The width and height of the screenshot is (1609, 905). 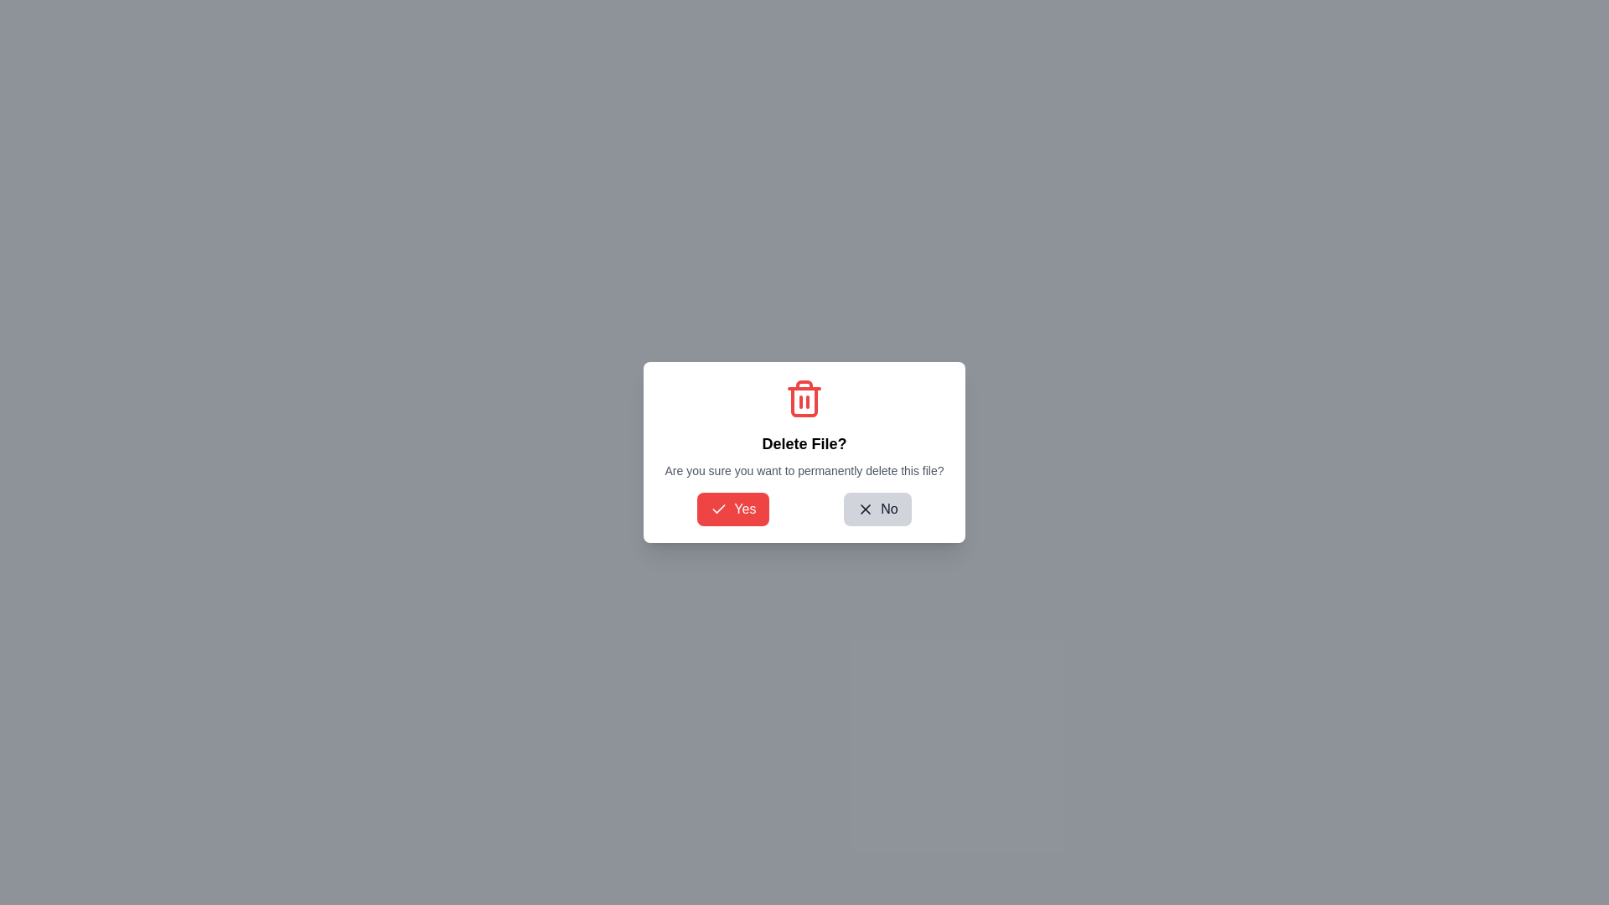 I want to click on the icon located within the 'Yes' button in the confirmation popup, which visually confirms the action associated with the button, so click(x=719, y=508).